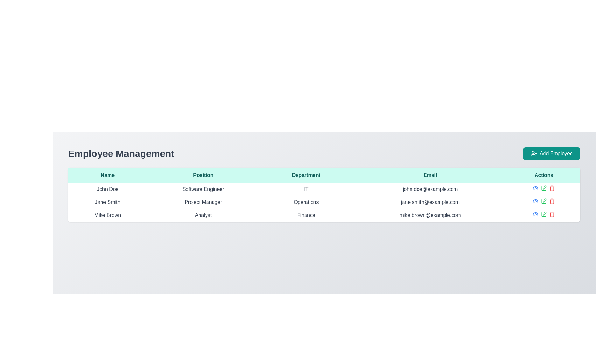 Image resolution: width=611 pixels, height=343 pixels. I want to click on text 'IT' displayed in gray font located in the third column under the 'Department' heading in the first row corresponding to 'John Doe', so click(306, 189).